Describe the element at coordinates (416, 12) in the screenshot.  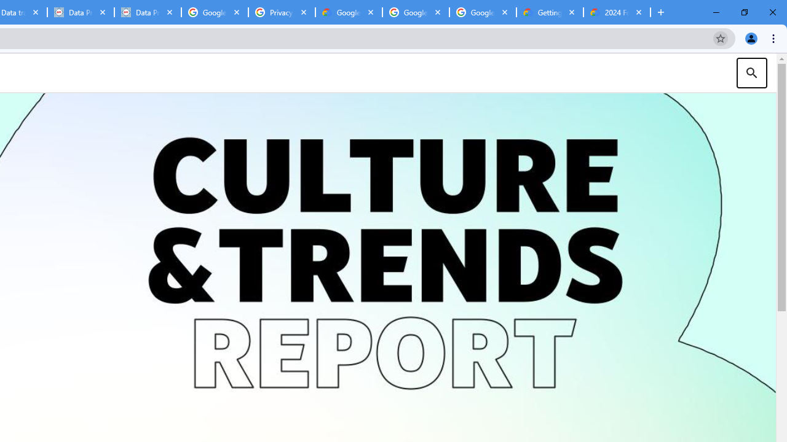
I see `'Google Workspace - Specific Terms'` at that location.